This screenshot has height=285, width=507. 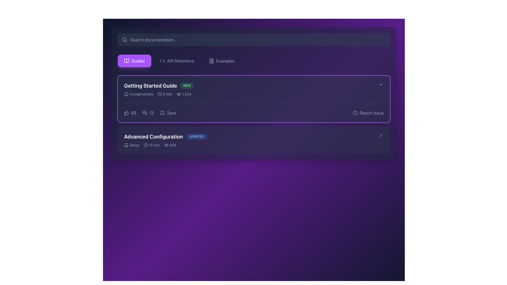 What do you see at coordinates (211, 61) in the screenshot?
I see `the 'Examples' SVG icon in the navigation bar` at bounding box center [211, 61].